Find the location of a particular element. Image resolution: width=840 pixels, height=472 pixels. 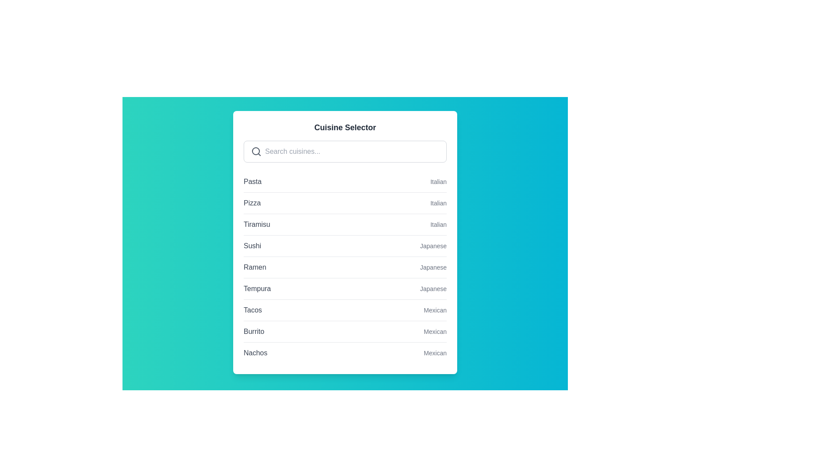

the 'Sushi' text label, which is positioned in the center area of the list, to the left of 'Japanese' and above 'Ramen' is located at coordinates (252, 246).